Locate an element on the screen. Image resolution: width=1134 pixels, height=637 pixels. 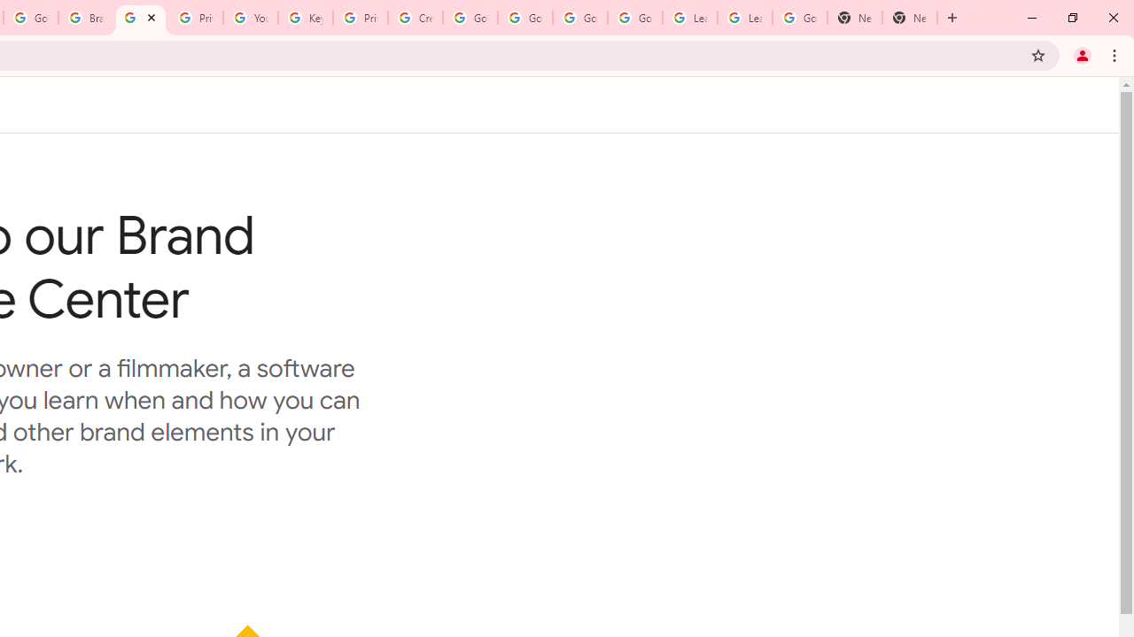
'New Tab' is located at coordinates (855, 18).